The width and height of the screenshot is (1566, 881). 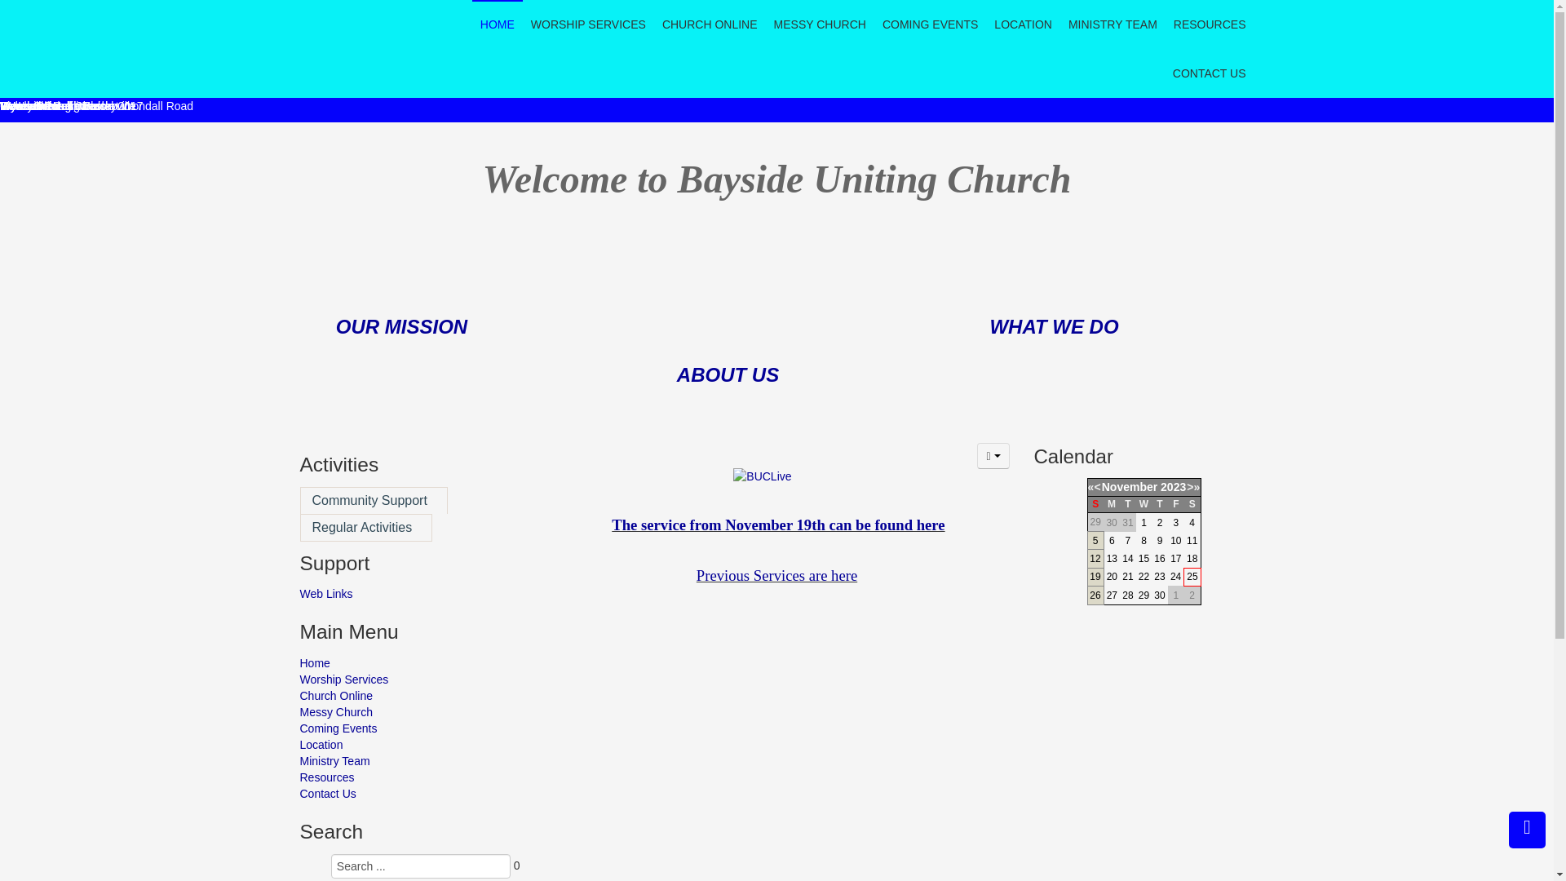 I want to click on '19', so click(x=1095, y=575).